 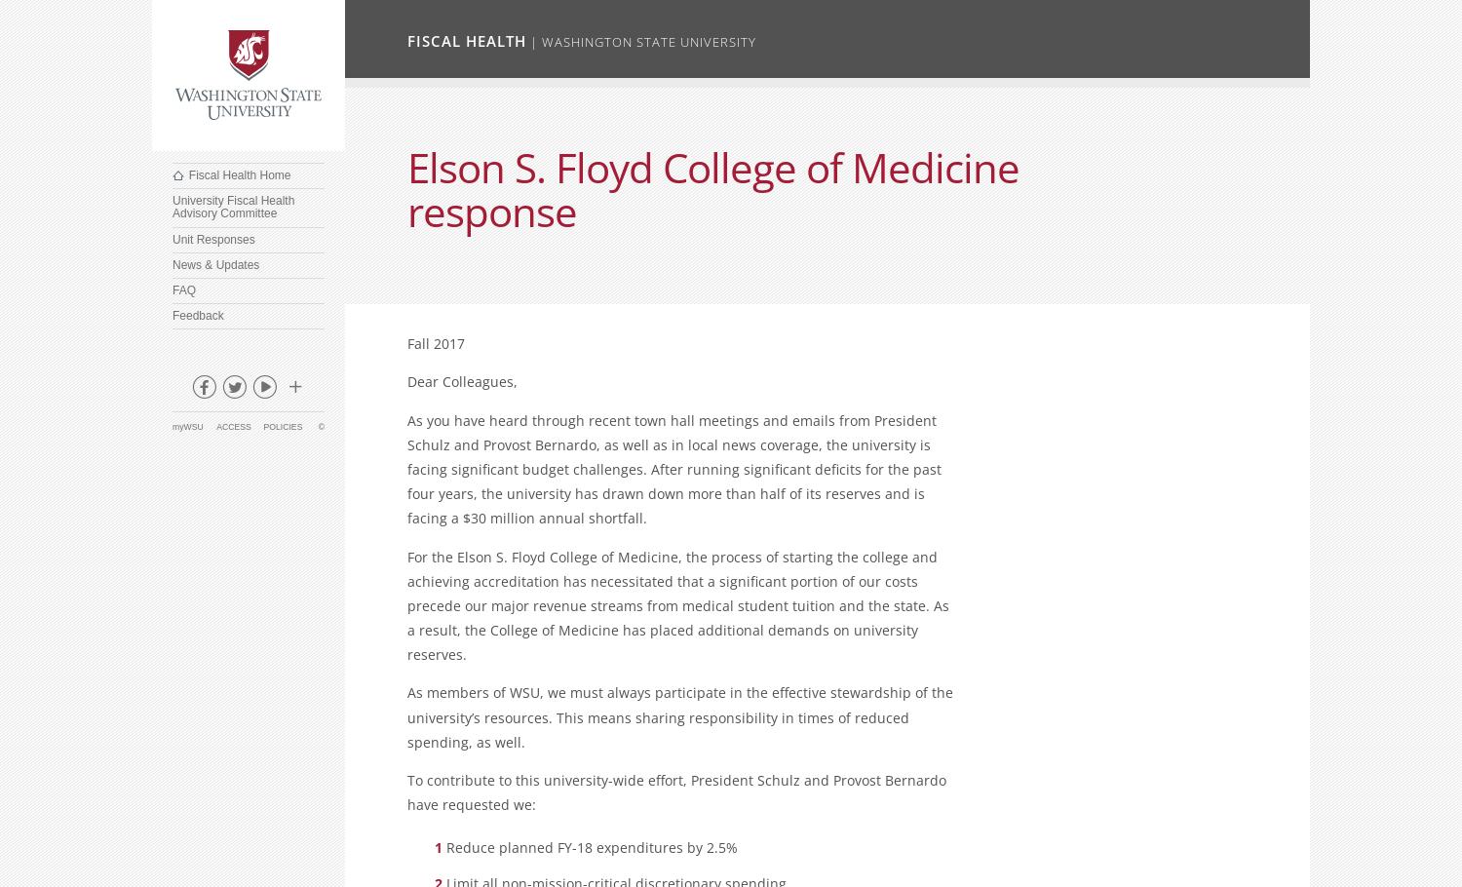 I want to click on 'News & Updates', so click(x=173, y=262).